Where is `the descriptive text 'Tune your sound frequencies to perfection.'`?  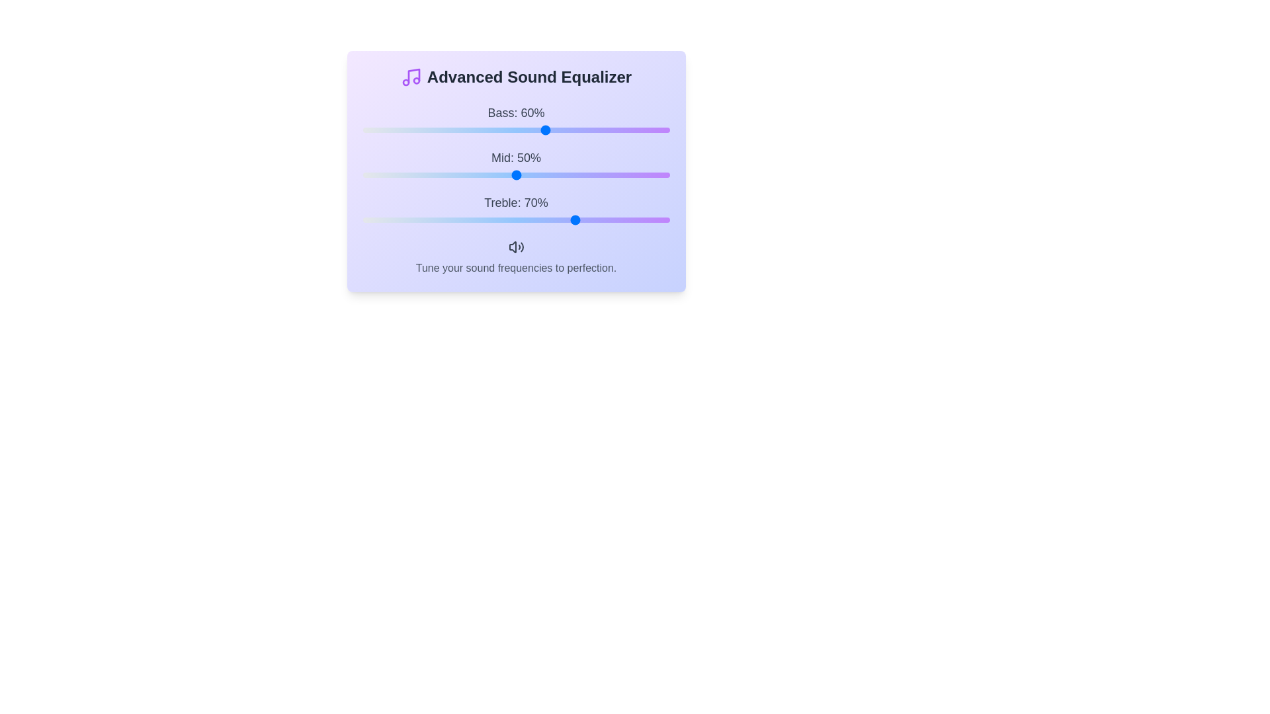 the descriptive text 'Tune your sound frequencies to perfection.' is located at coordinates (515, 268).